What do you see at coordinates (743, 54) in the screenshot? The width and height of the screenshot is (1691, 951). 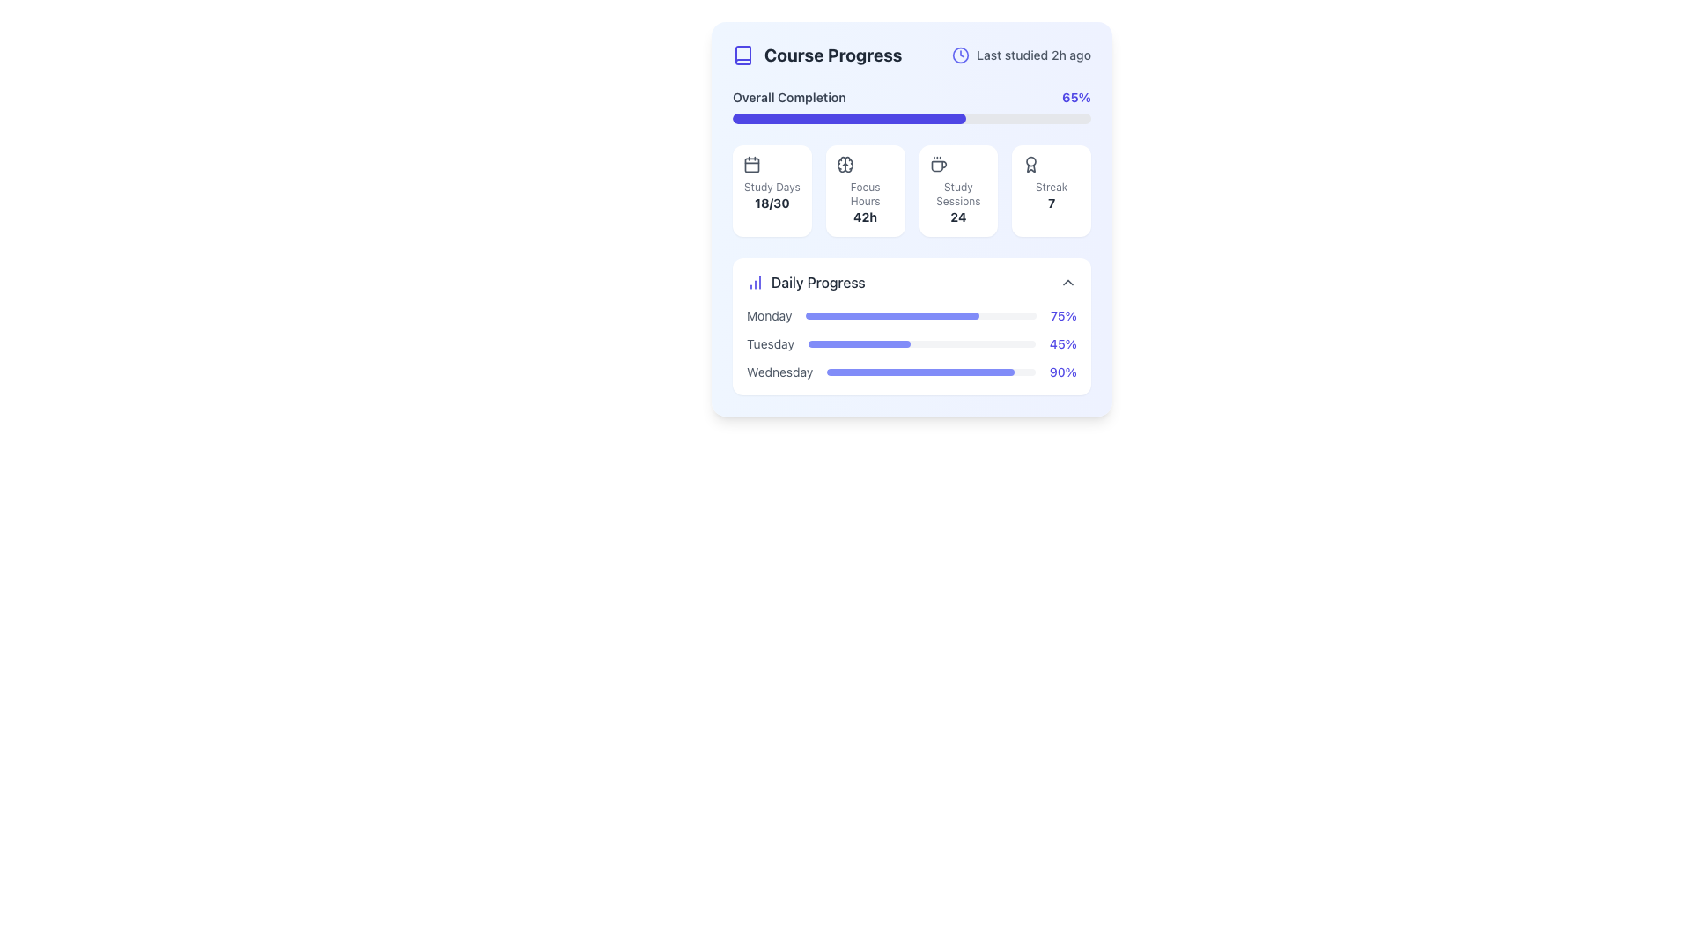 I see `the indigo book icon located in the header of the 'Course Progress' section, positioned to the left of the bold text 'Course Progress'` at bounding box center [743, 54].